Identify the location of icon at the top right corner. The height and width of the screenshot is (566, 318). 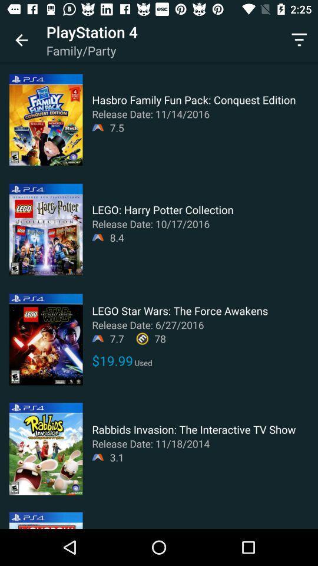
(299, 40).